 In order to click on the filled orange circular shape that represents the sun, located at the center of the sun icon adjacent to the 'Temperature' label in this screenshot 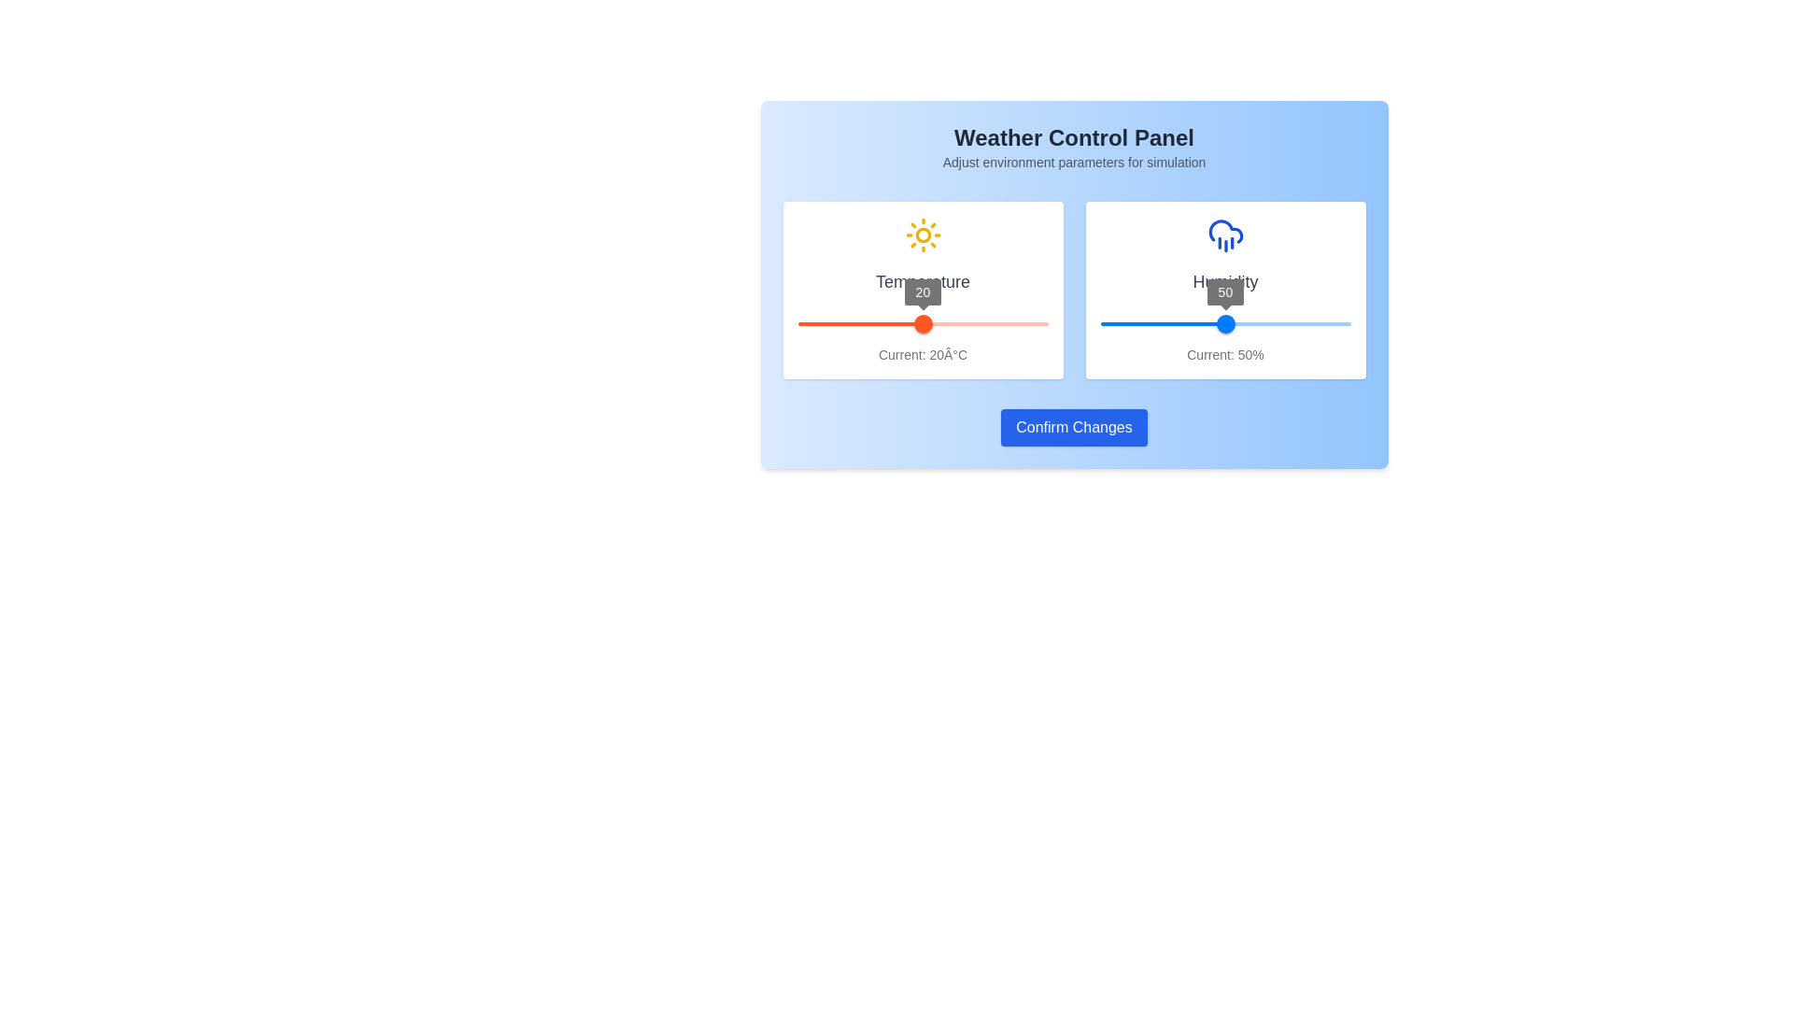, I will do `click(923, 234)`.